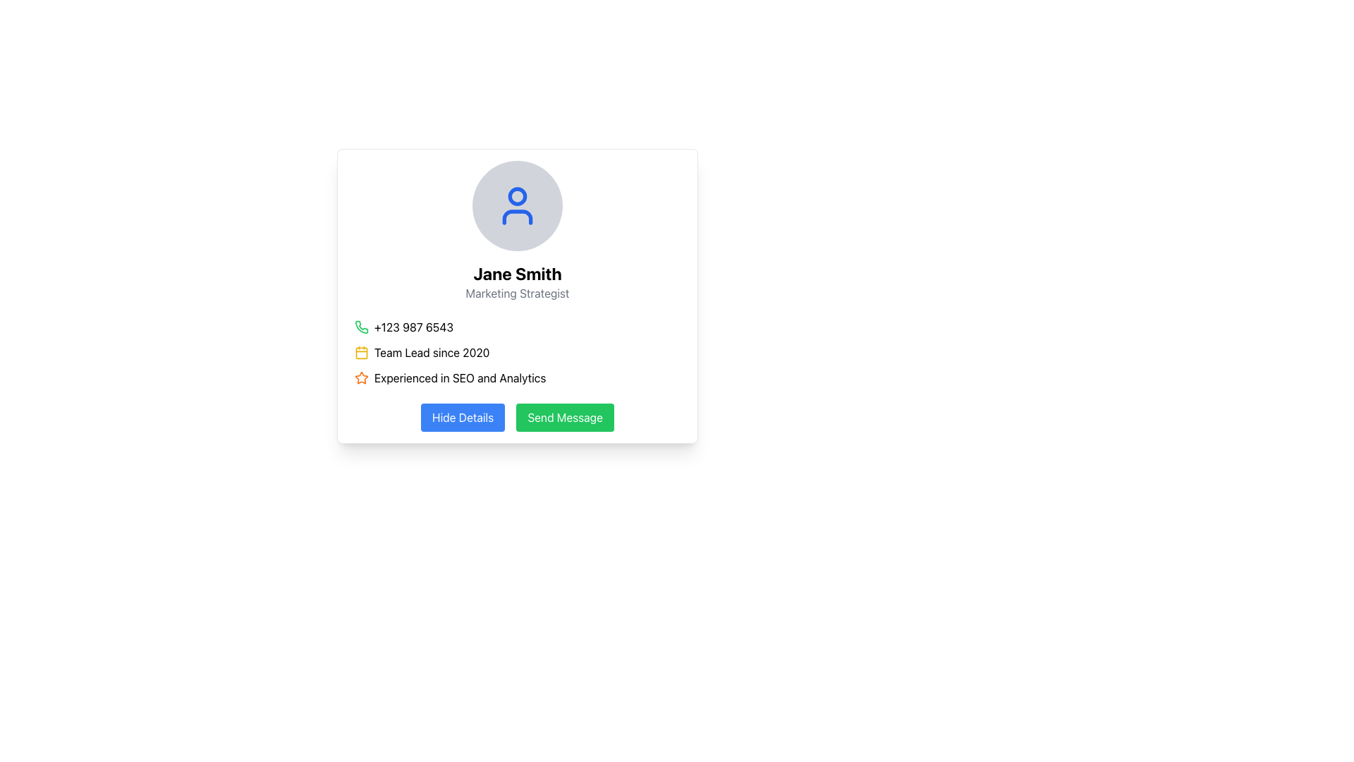 Image resolution: width=1354 pixels, height=762 pixels. I want to click on the rectangular graphical icon located at the center of the yellow calendar icon, adjacent to the text 'Team Lead since 2020', so click(362, 352).